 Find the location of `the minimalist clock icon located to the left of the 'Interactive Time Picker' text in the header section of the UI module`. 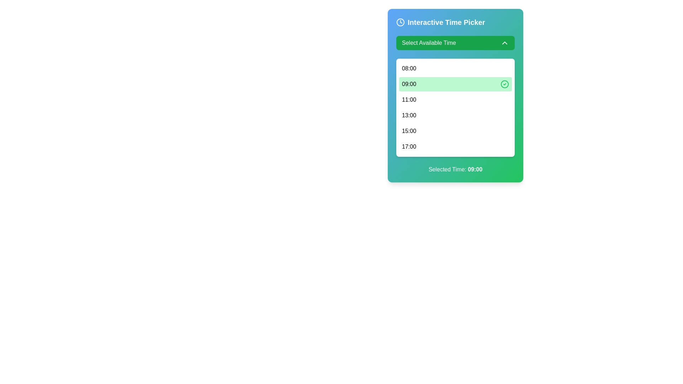

the minimalist clock icon located to the left of the 'Interactive Time Picker' text in the header section of the UI module is located at coordinates (401, 22).